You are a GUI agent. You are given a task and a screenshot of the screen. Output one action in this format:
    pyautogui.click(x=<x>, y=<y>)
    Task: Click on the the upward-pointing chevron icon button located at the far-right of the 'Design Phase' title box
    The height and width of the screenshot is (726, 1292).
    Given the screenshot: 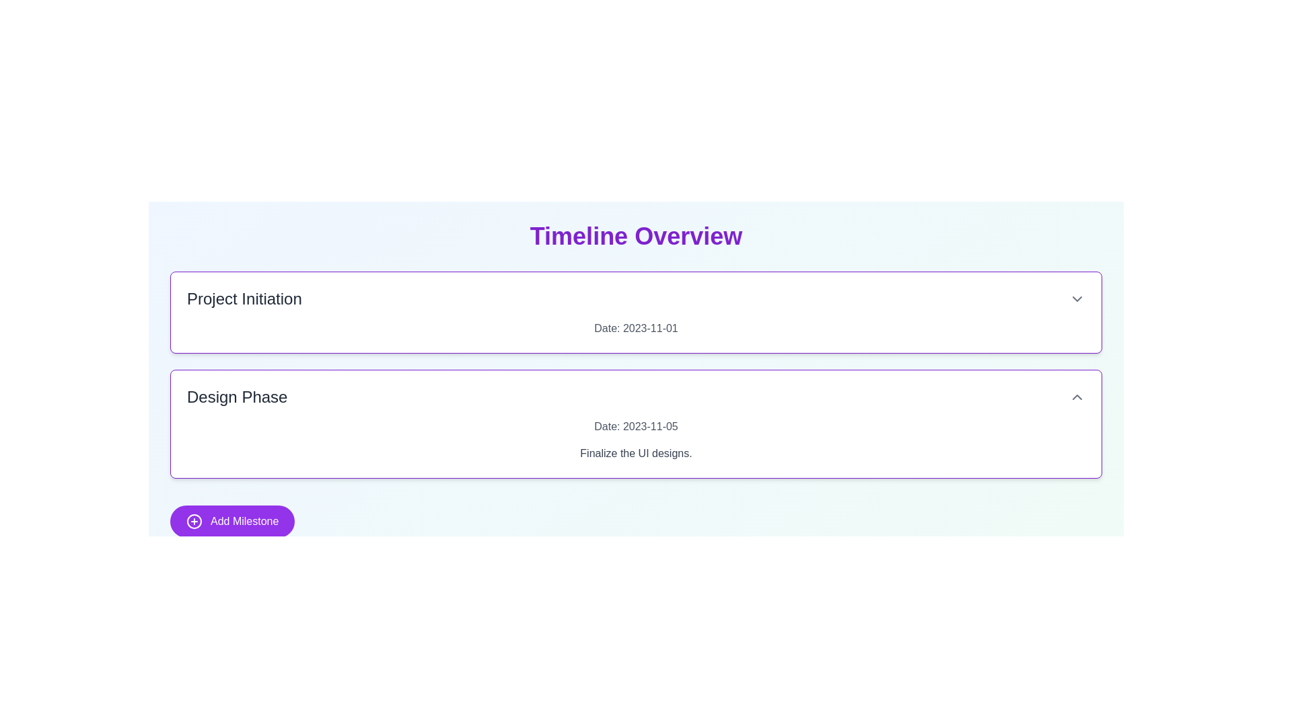 What is the action you would take?
    pyautogui.click(x=1077, y=396)
    